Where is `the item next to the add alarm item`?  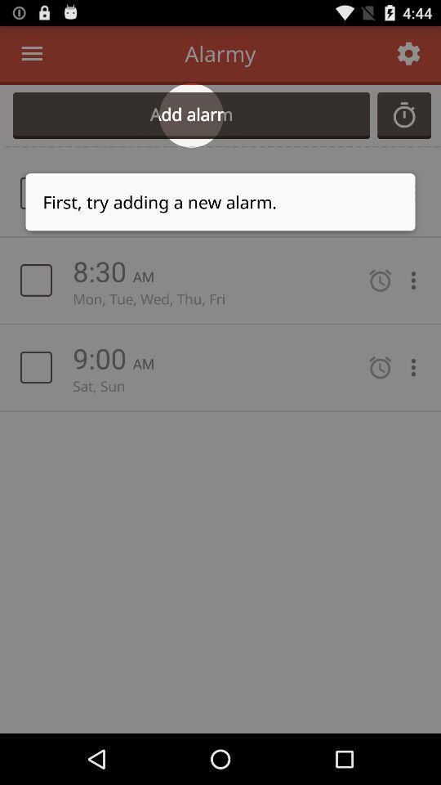
the item next to the add alarm item is located at coordinates (403, 114).